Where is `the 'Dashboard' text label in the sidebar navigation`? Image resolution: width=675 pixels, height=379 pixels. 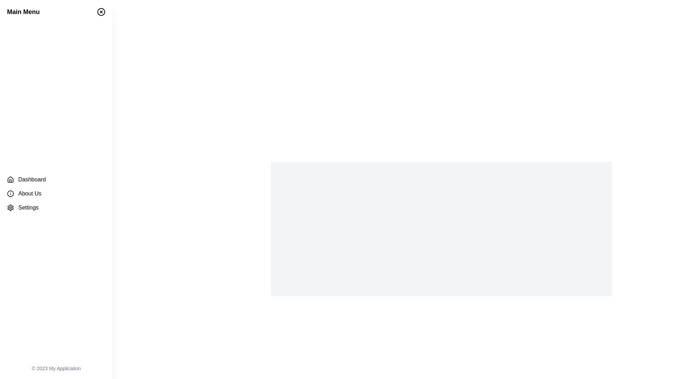 the 'Dashboard' text label in the sidebar navigation is located at coordinates (32, 179).